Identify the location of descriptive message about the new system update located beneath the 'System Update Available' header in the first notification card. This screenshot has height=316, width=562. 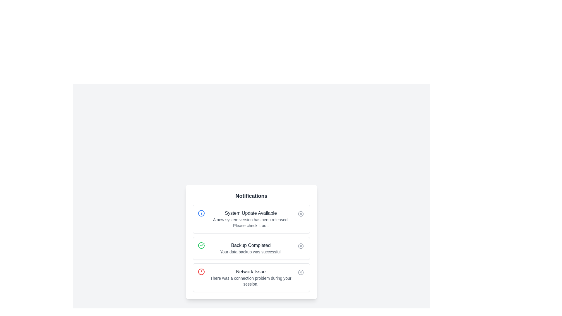
(251, 222).